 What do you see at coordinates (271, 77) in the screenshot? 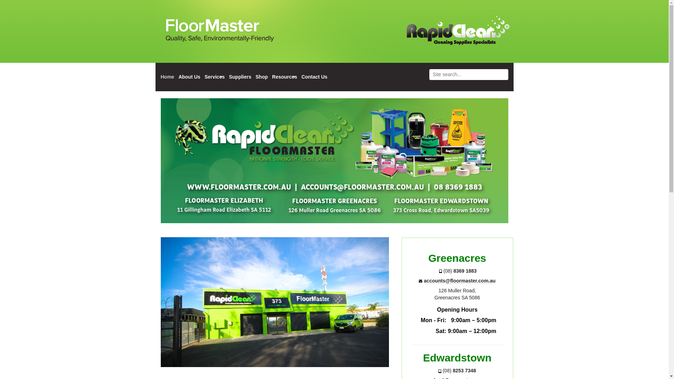
I see `'Resources'` at bounding box center [271, 77].